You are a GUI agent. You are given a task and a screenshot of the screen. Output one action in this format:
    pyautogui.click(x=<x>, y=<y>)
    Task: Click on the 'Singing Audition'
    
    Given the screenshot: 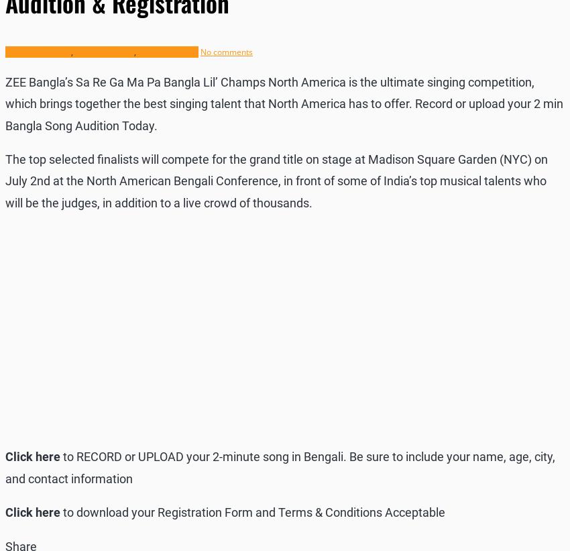 What is the action you would take?
    pyautogui.click(x=168, y=52)
    